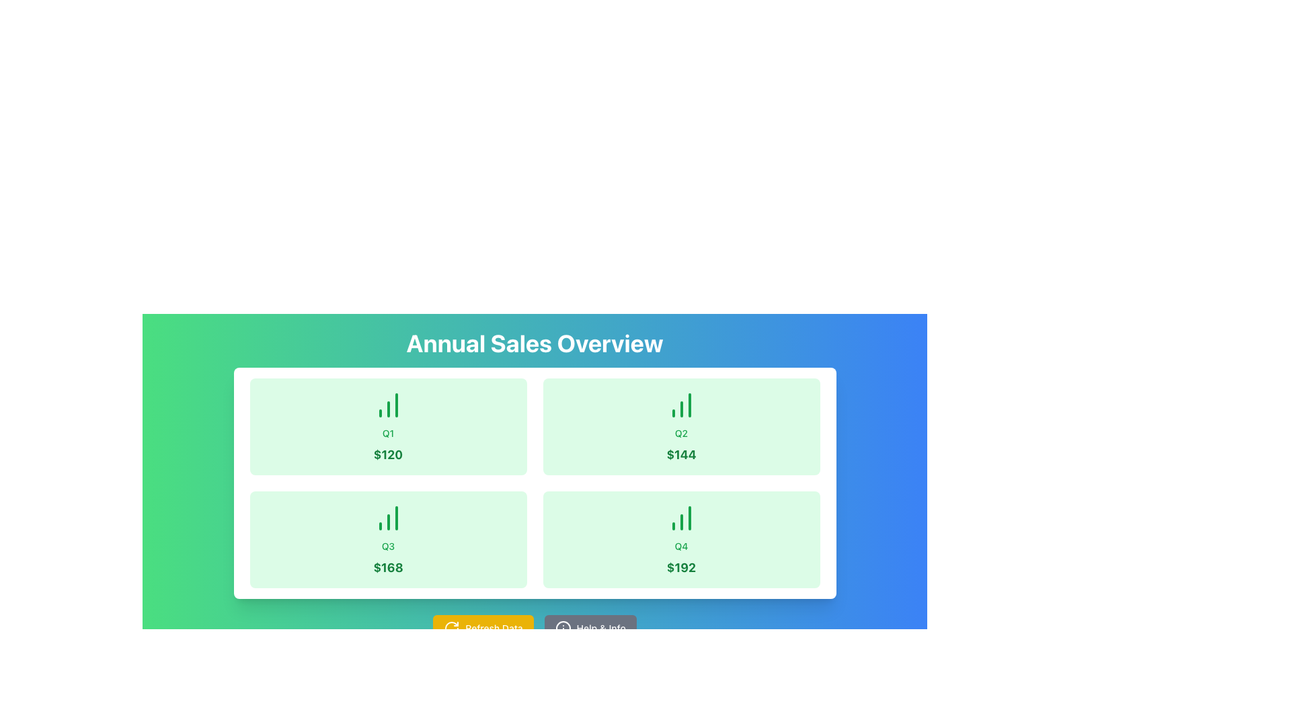  Describe the element at coordinates (387, 454) in the screenshot. I see `the text label displaying the value '$120' in bold, green-colored text, which is located at the bottom part of the sales data panel for Q1` at that location.